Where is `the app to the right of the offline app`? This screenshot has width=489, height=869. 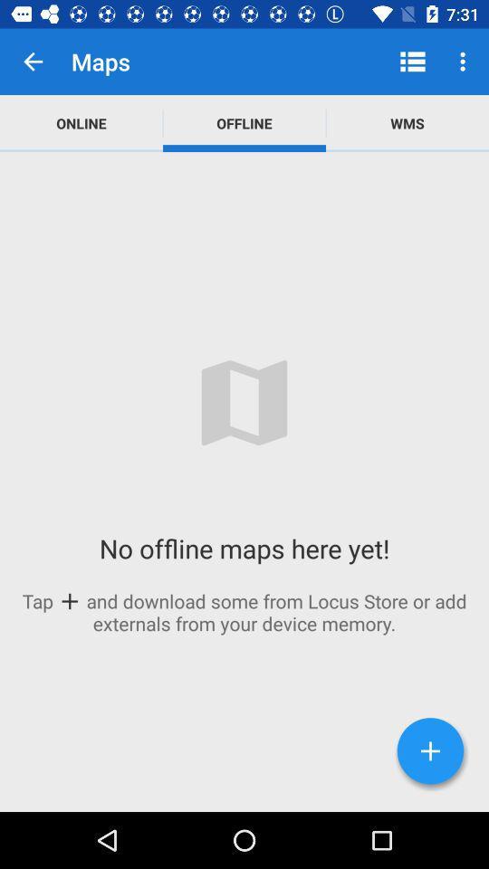 the app to the right of the offline app is located at coordinates (407, 122).